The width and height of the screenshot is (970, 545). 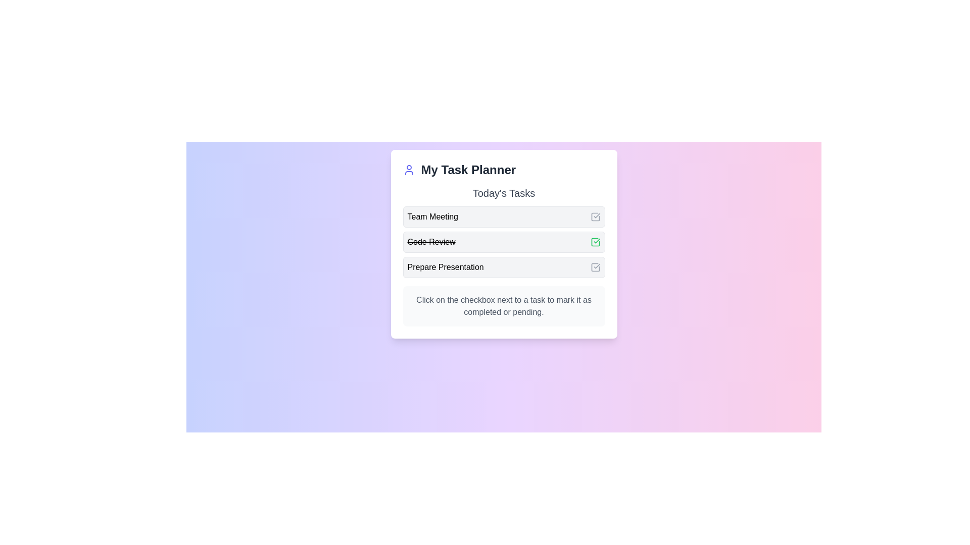 I want to click on the checkboxes next to 'Team Meeting', 'Code Review', and 'Prepare Presentation' in the 'My Task Planner' section to mark these tasks as completed, so click(x=504, y=244).